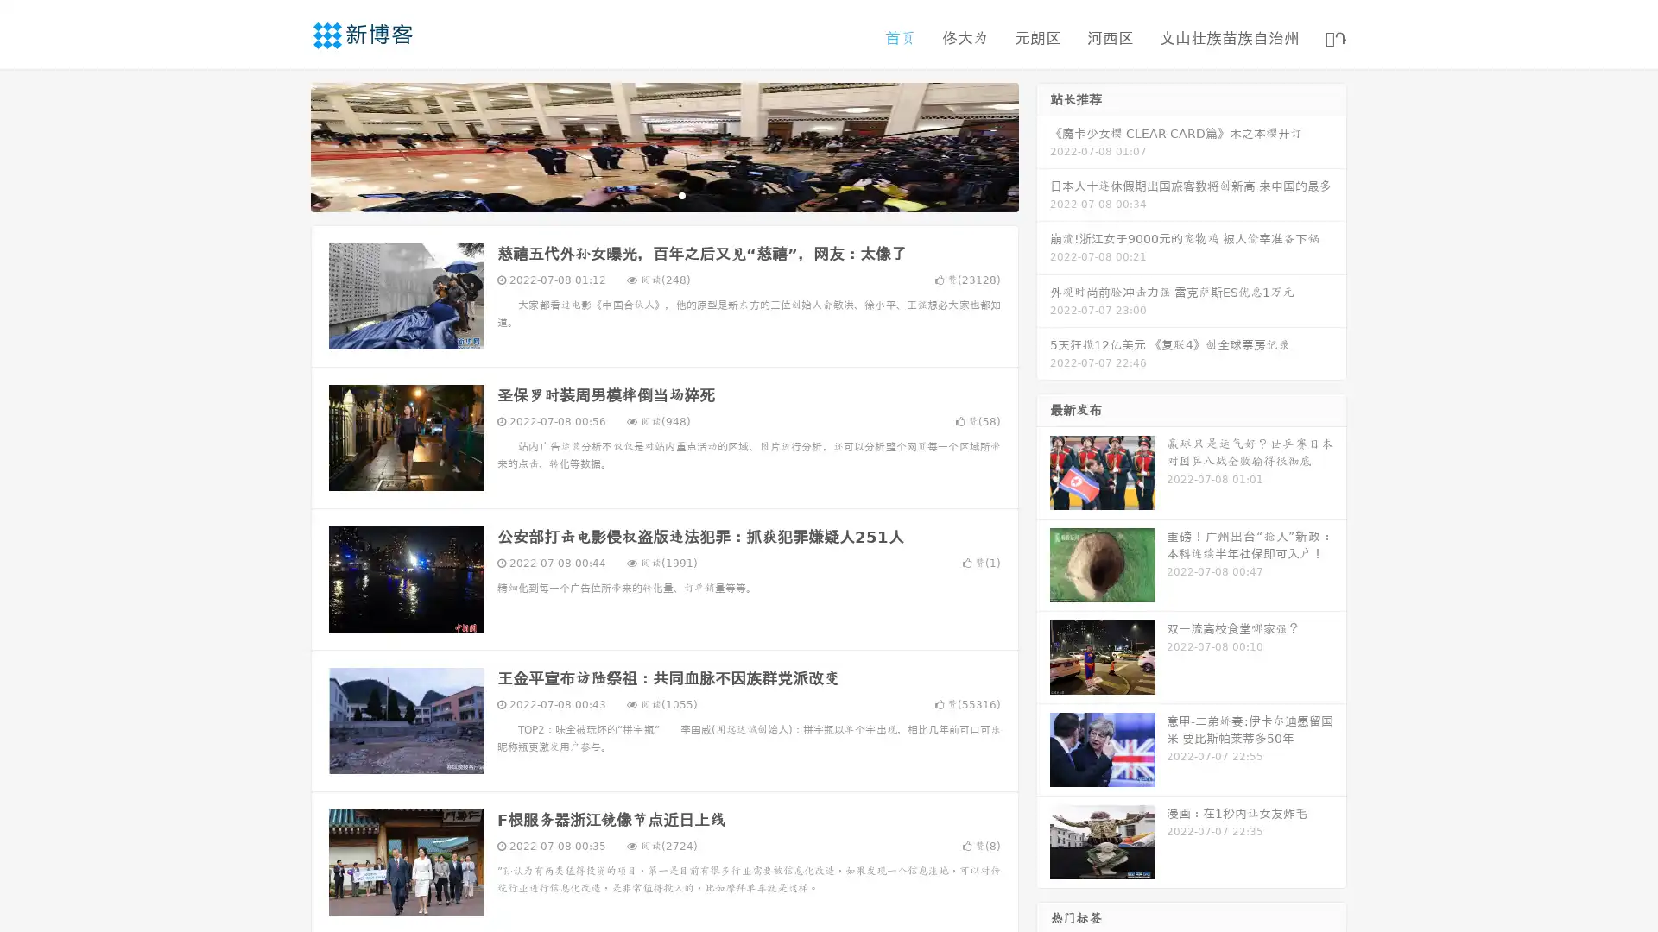 The height and width of the screenshot is (932, 1658). Describe the element at coordinates (1043, 145) in the screenshot. I see `Next slide` at that location.